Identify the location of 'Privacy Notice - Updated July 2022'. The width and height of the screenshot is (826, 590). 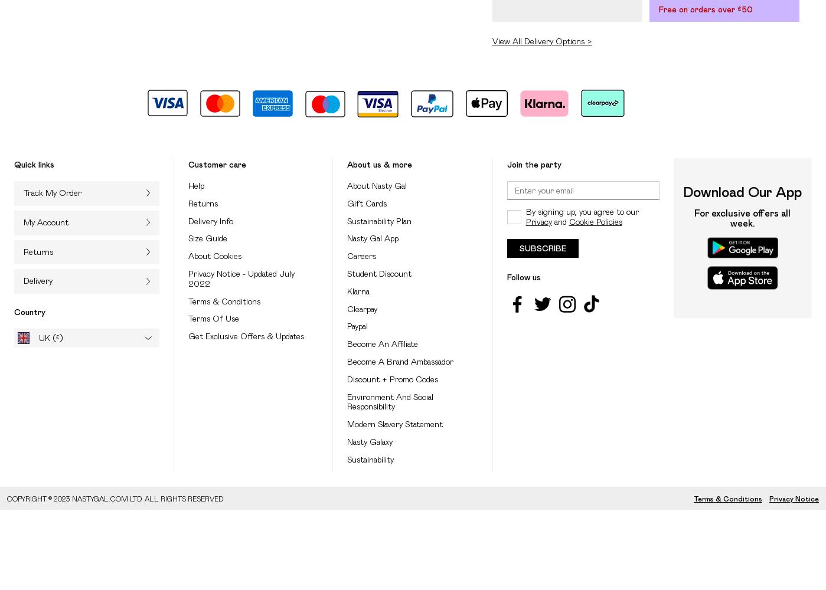
(188, 277).